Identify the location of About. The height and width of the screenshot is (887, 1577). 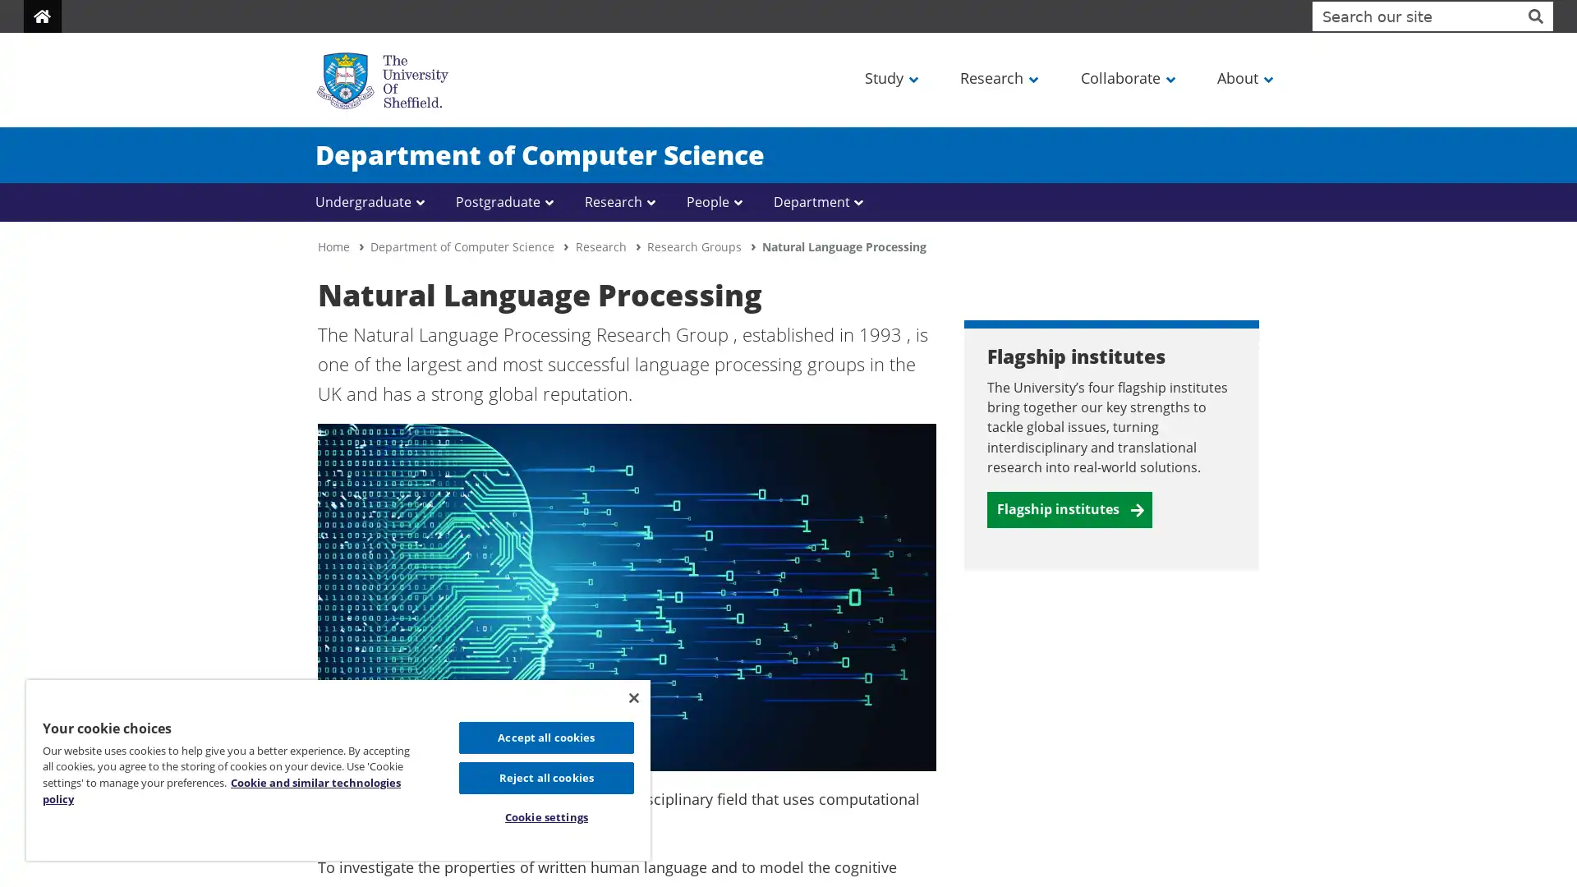
(1243, 77).